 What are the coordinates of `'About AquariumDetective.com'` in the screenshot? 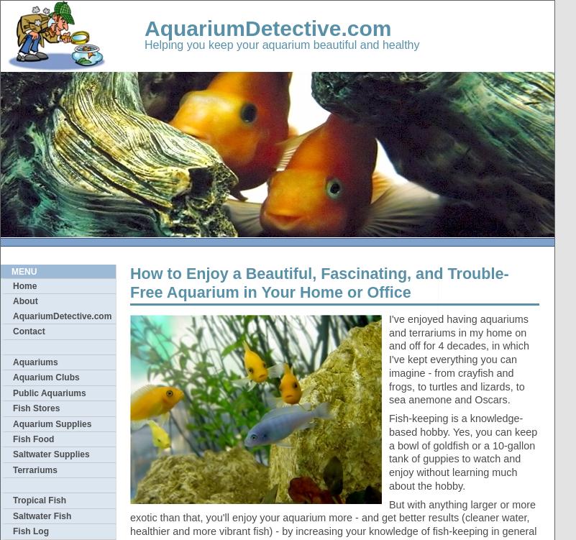 It's located at (62, 307).